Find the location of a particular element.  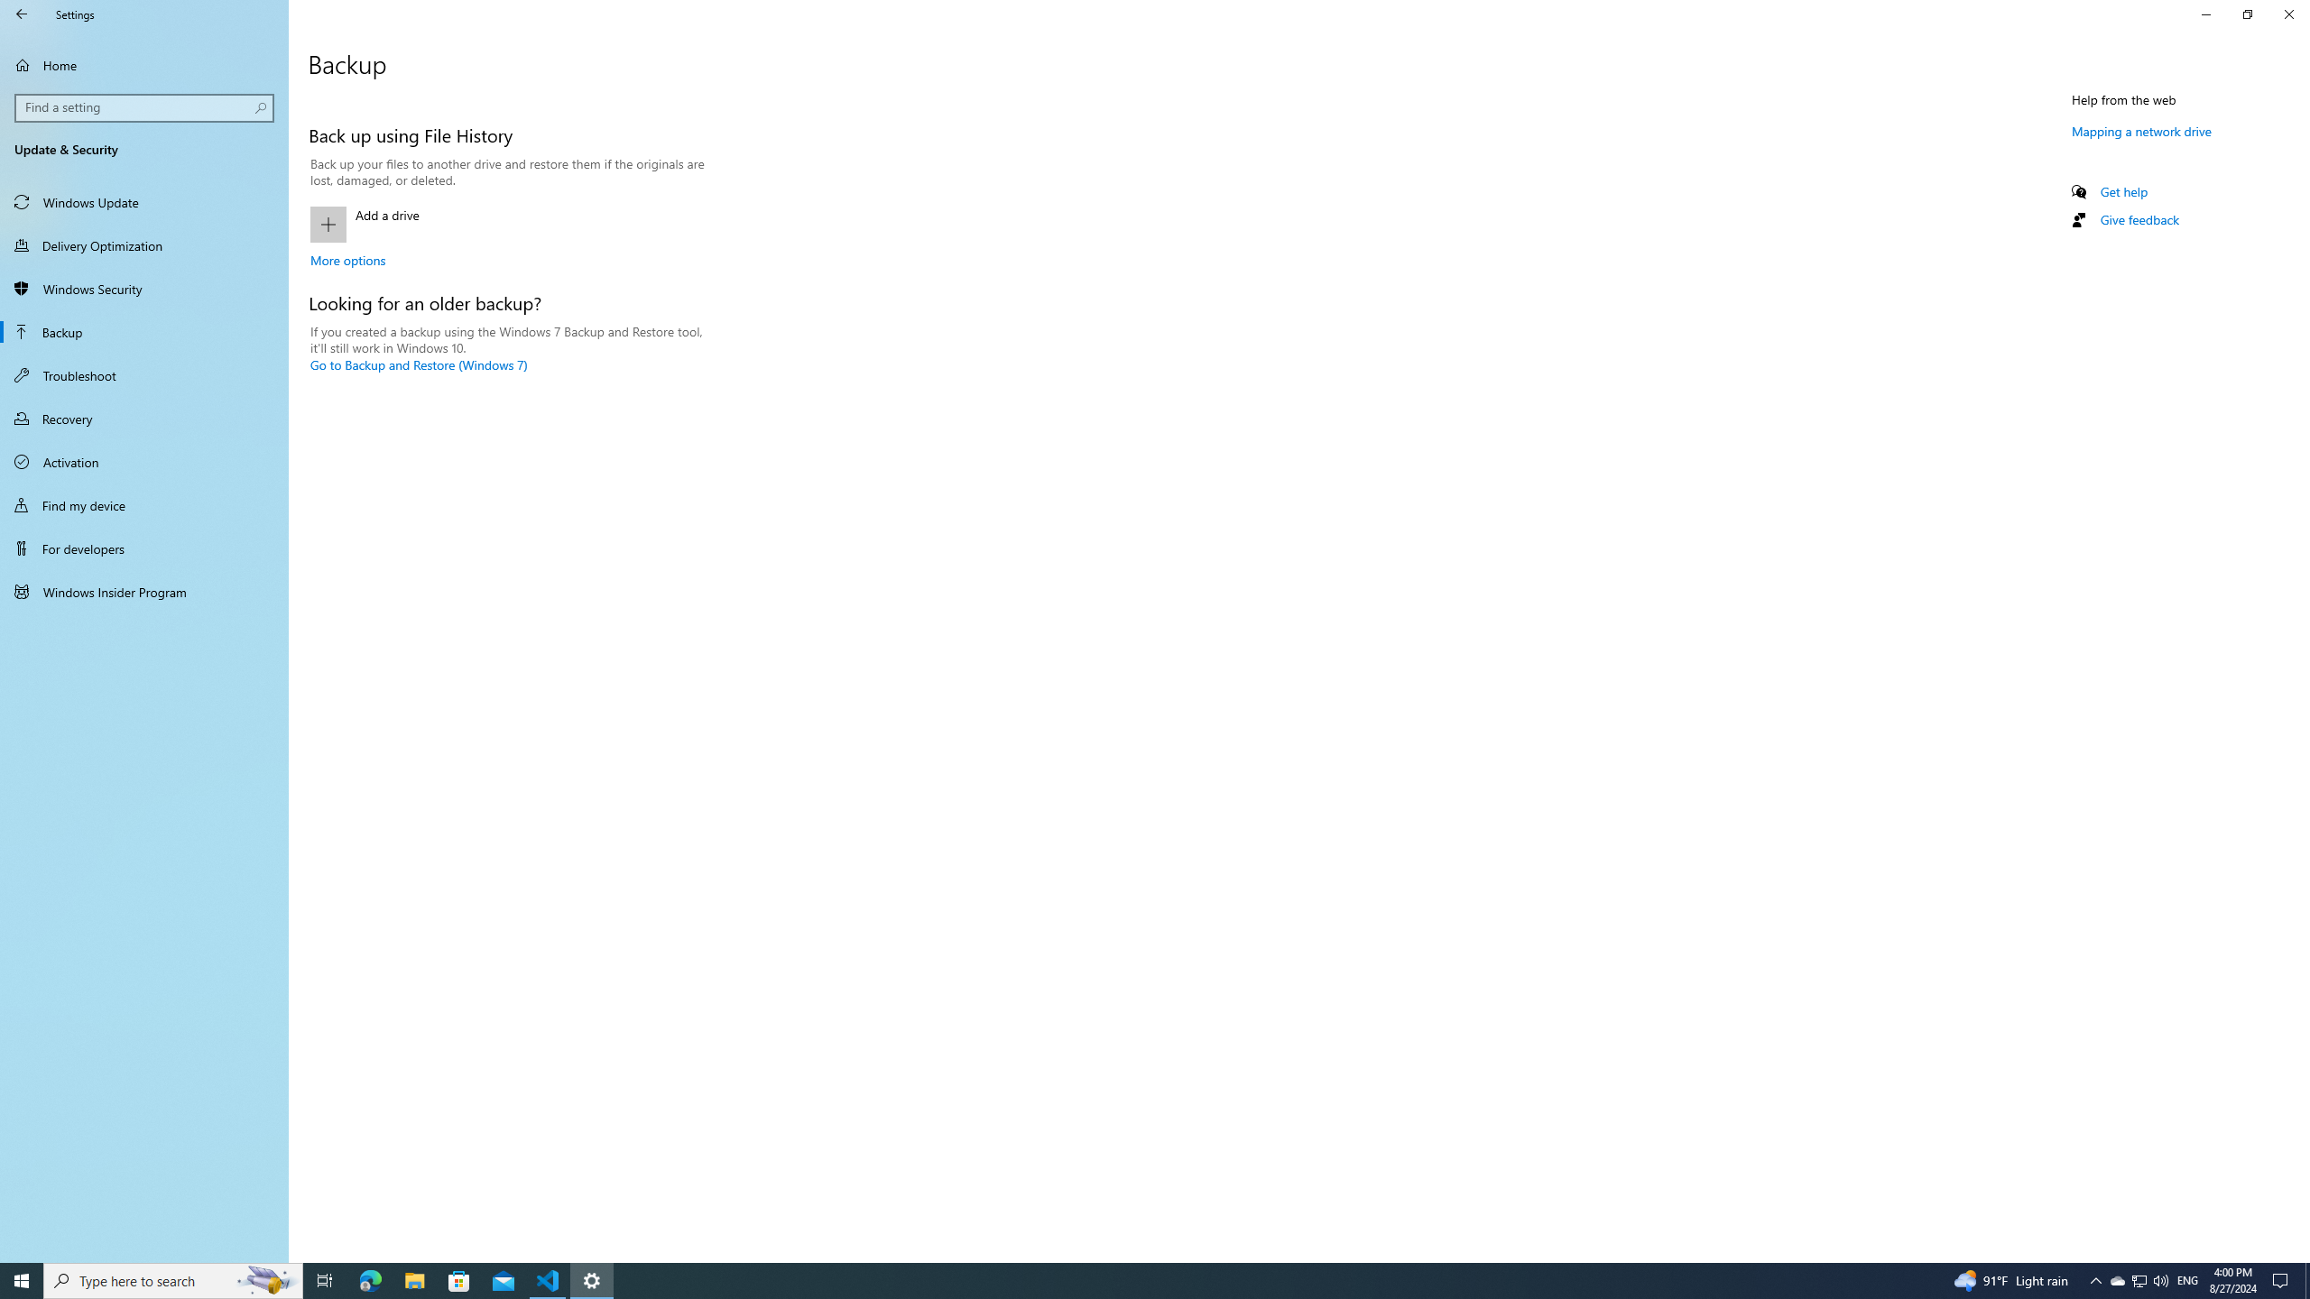

'More options' is located at coordinates (346, 259).